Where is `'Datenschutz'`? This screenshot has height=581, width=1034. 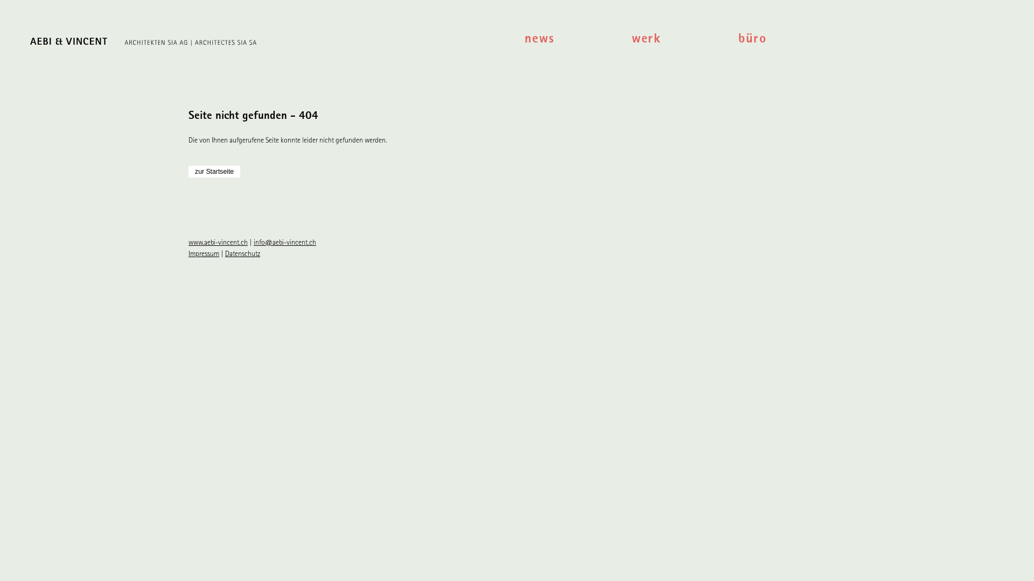
'Datenschutz' is located at coordinates (242, 254).